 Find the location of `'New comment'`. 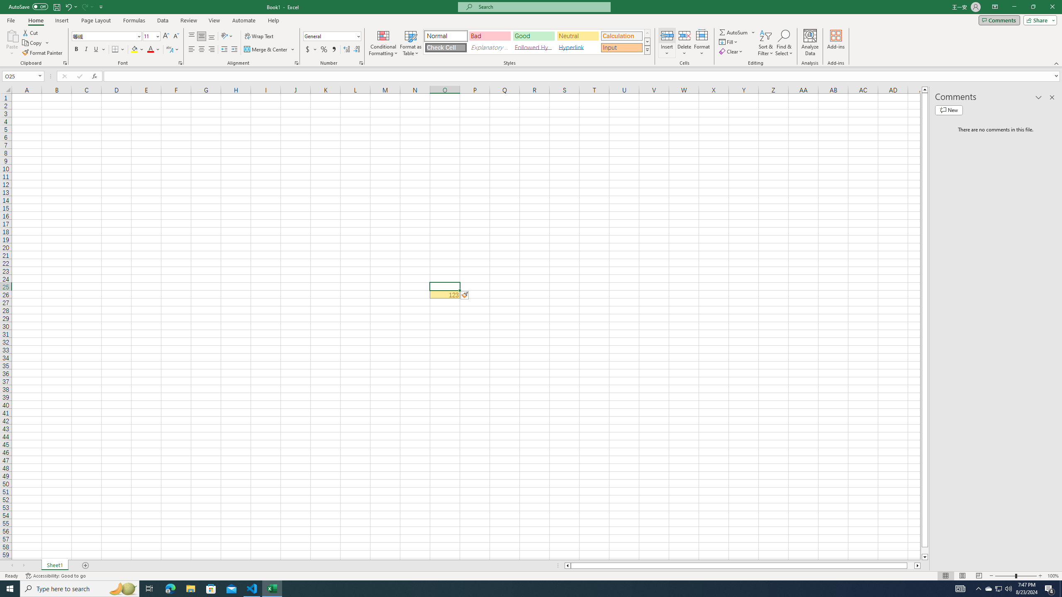

'New comment' is located at coordinates (948, 109).